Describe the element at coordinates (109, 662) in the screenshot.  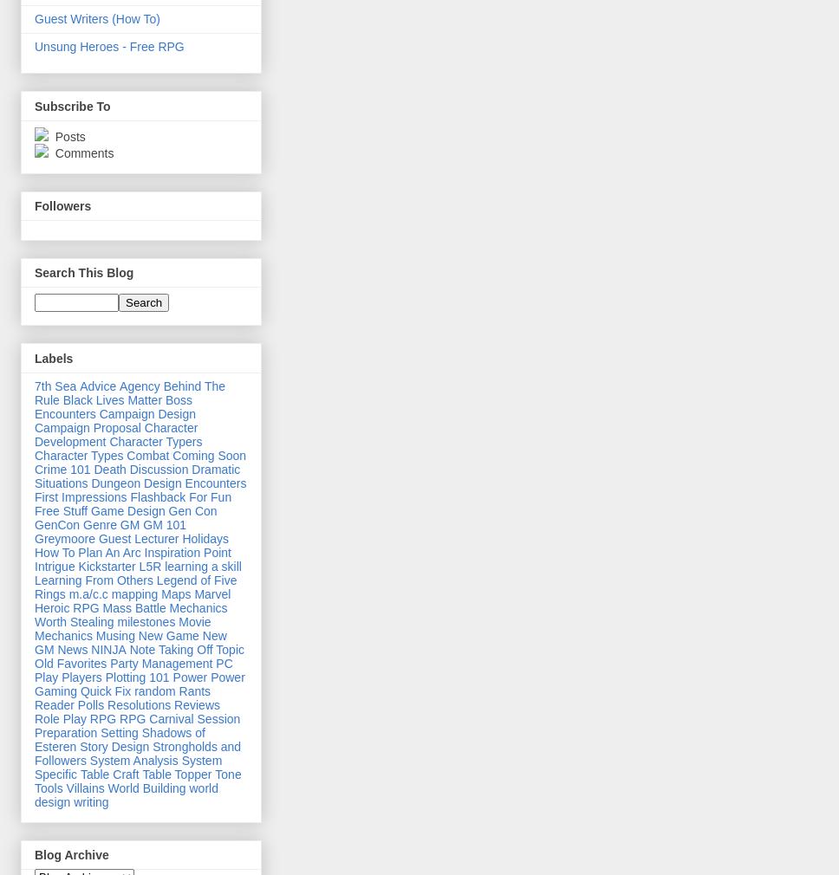
I see `'Party Management'` at that location.